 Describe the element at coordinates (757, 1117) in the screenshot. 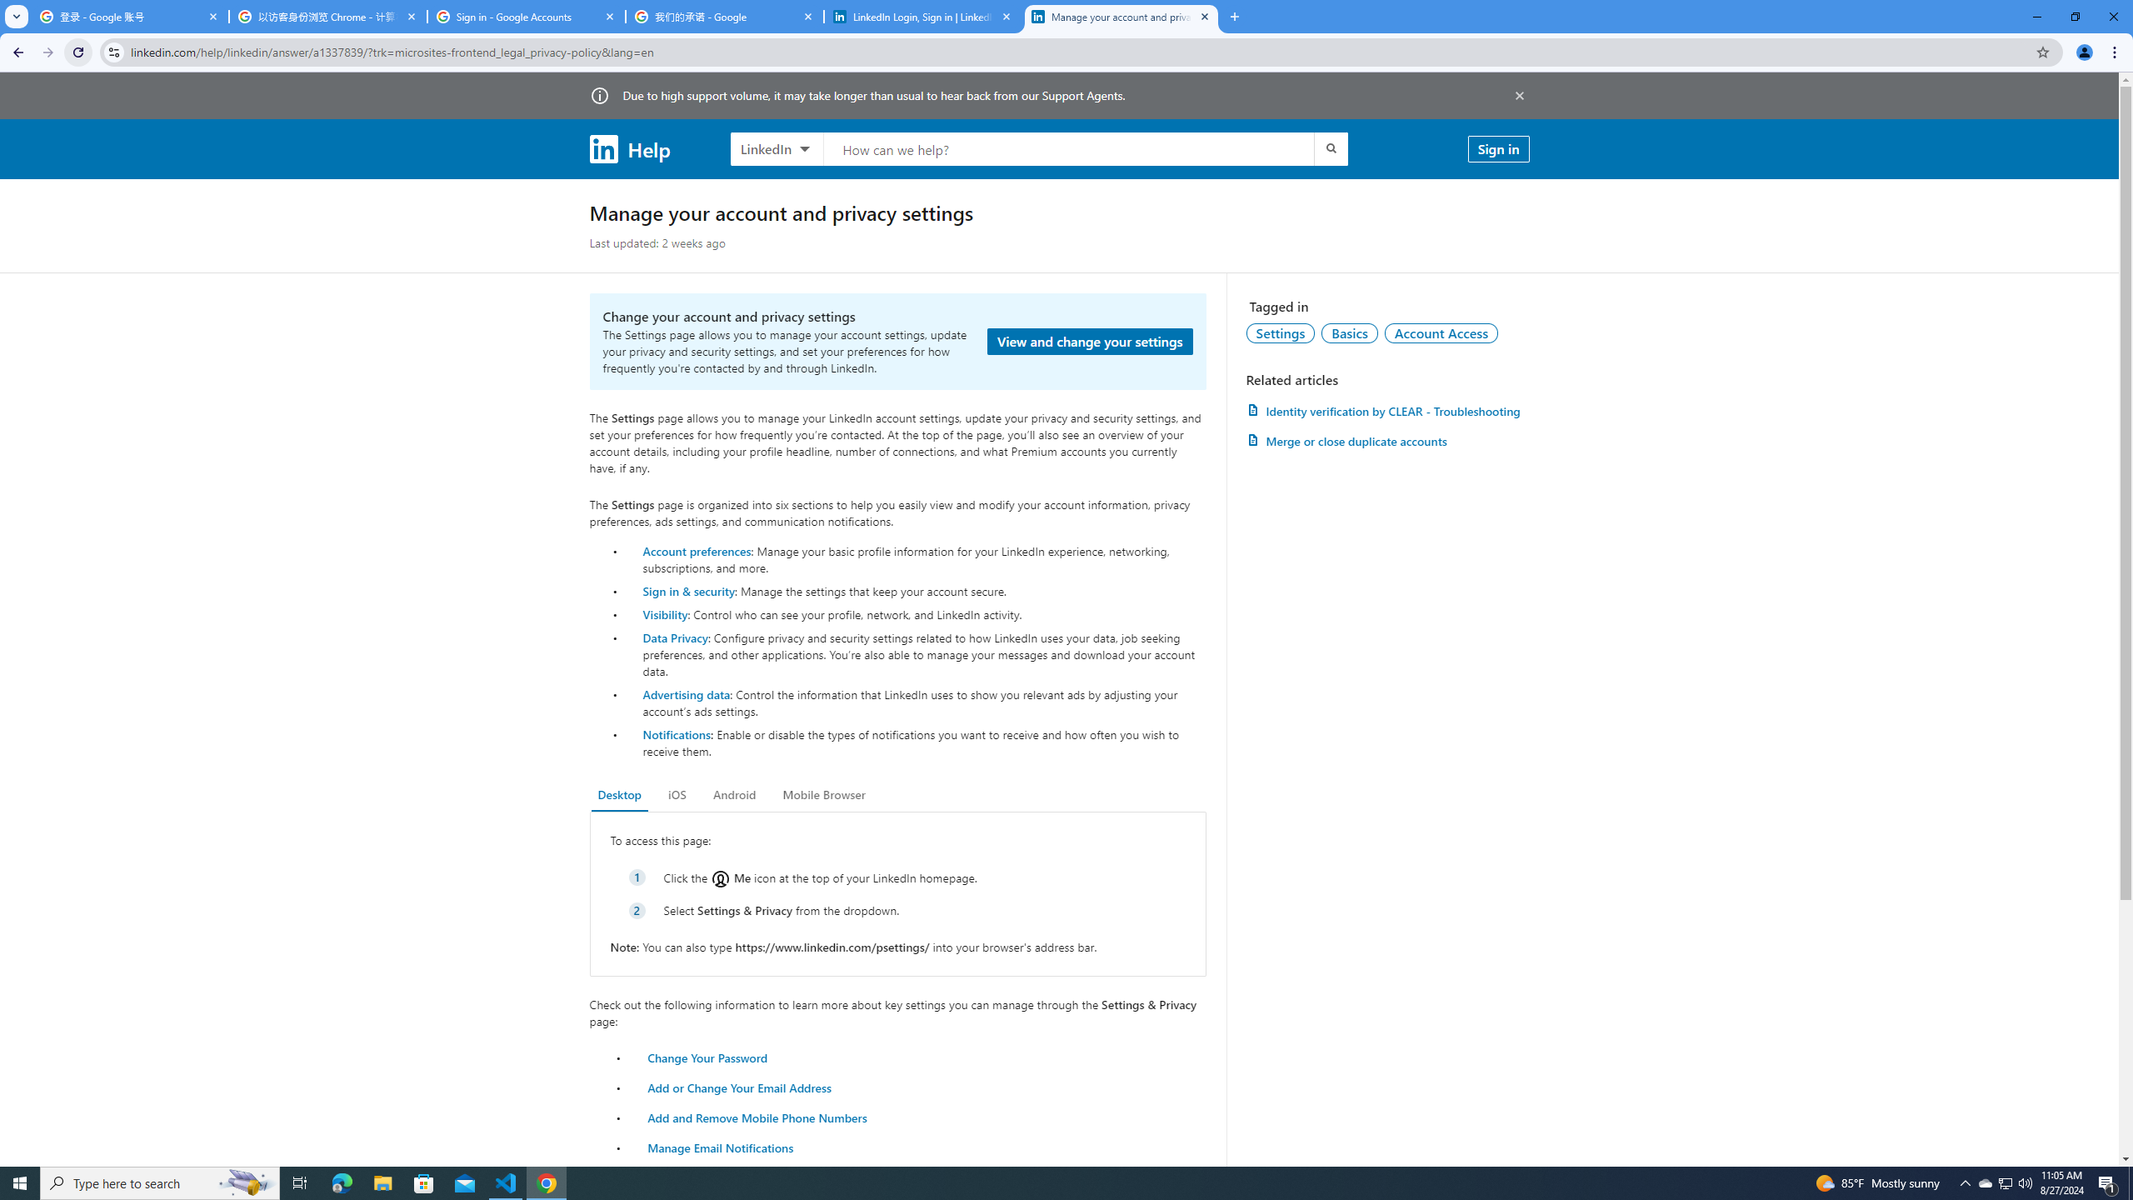

I see `'Add and Remove Mobile Phone Numbers'` at that location.